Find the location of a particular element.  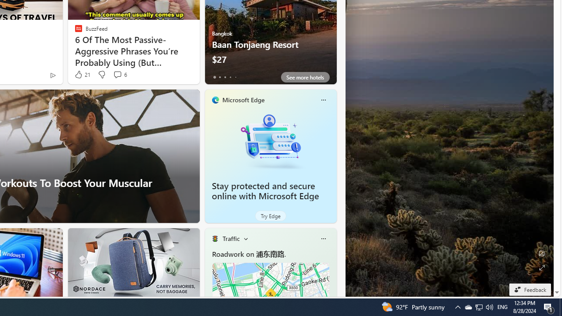

'View comments 6 Comment' is located at coordinates (119, 74).